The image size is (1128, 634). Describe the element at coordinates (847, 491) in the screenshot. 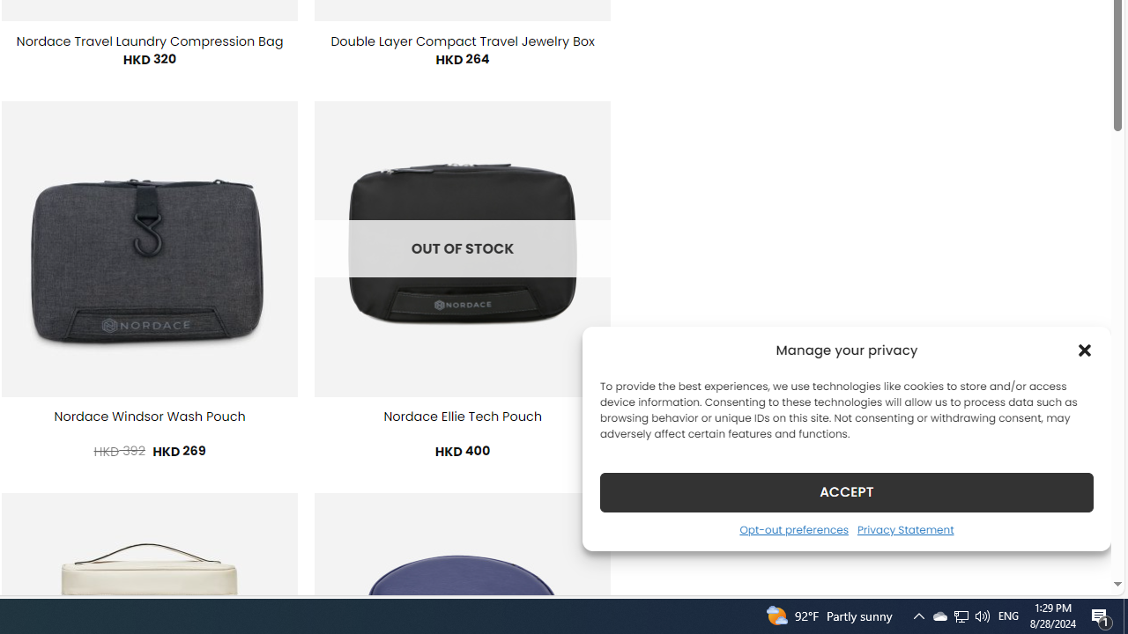

I see `'ACCEPT'` at that location.